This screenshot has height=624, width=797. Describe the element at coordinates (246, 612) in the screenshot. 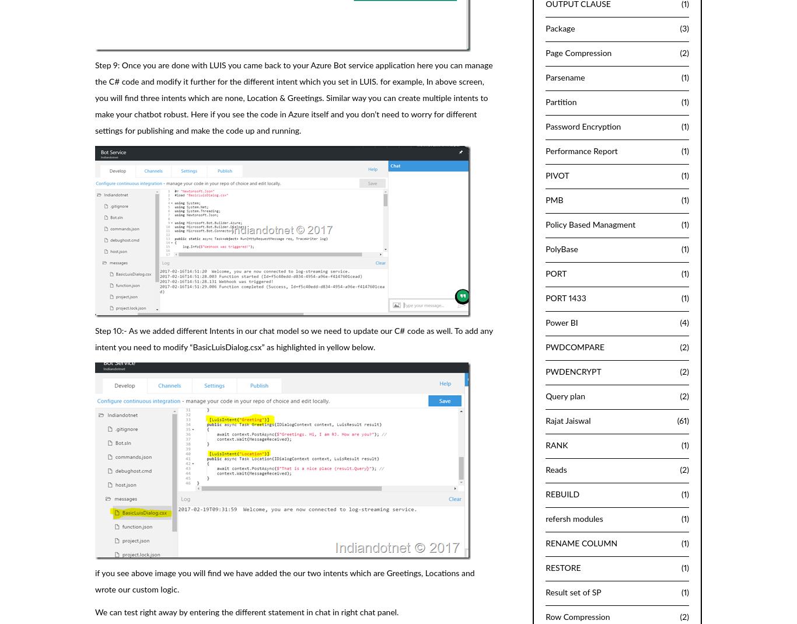

I see `'We can test right away by entering the different statement in chat in right chat panel.'` at that location.